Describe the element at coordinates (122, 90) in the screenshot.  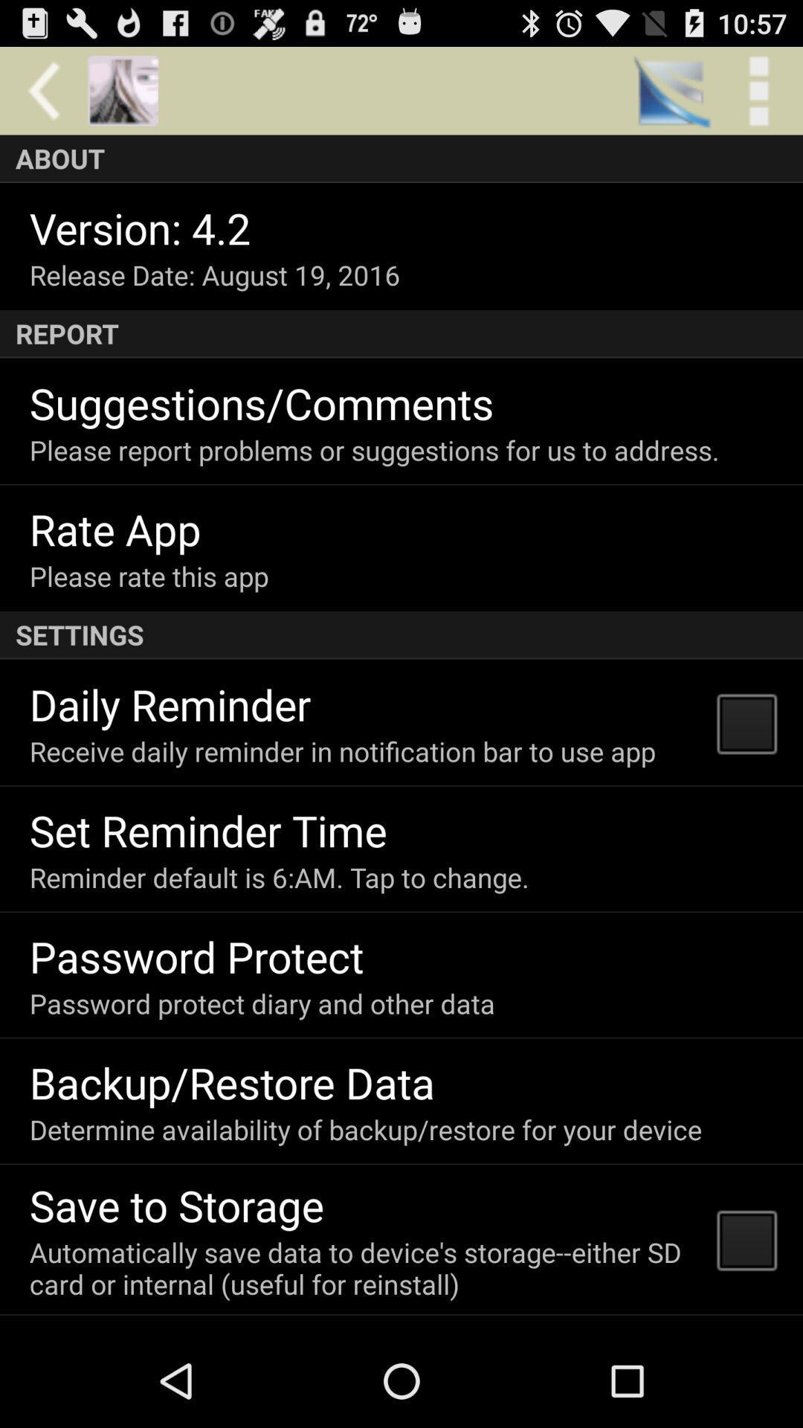
I see `item above about app` at that location.